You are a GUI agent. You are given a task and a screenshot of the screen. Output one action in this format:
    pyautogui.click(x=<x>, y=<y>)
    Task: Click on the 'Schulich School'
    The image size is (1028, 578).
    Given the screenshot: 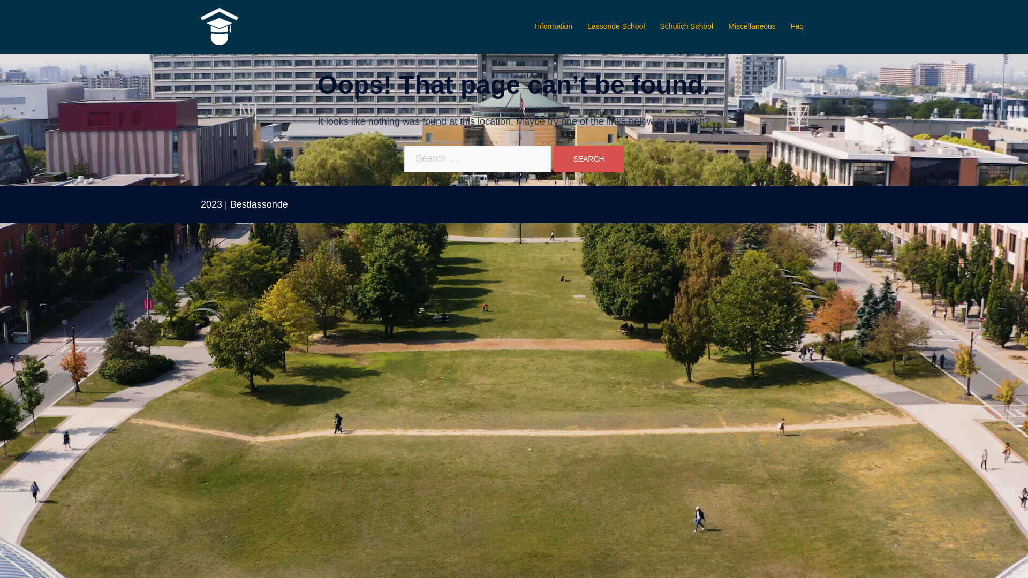 What is the action you would take?
    pyautogui.click(x=686, y=26)
    